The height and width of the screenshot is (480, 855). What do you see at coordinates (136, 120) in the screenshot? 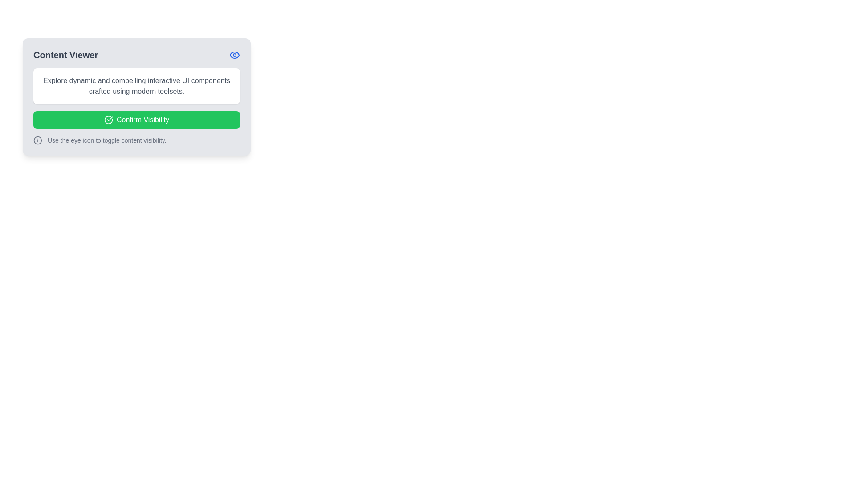
I see `the button that confirms the visibility of certain content, positioned below the descriptive text about interactive UI components and above the guide about toggling visibility` at bounding box center [136, 120].